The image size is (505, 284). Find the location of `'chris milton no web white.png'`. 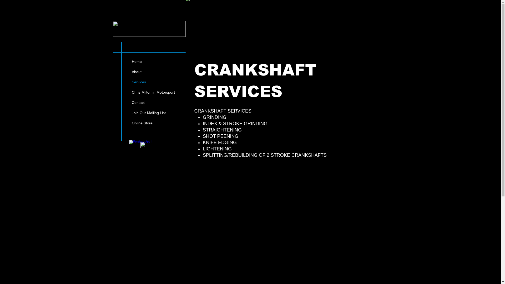

'chris milton no web white.png' is located at coordinates (149, 29).